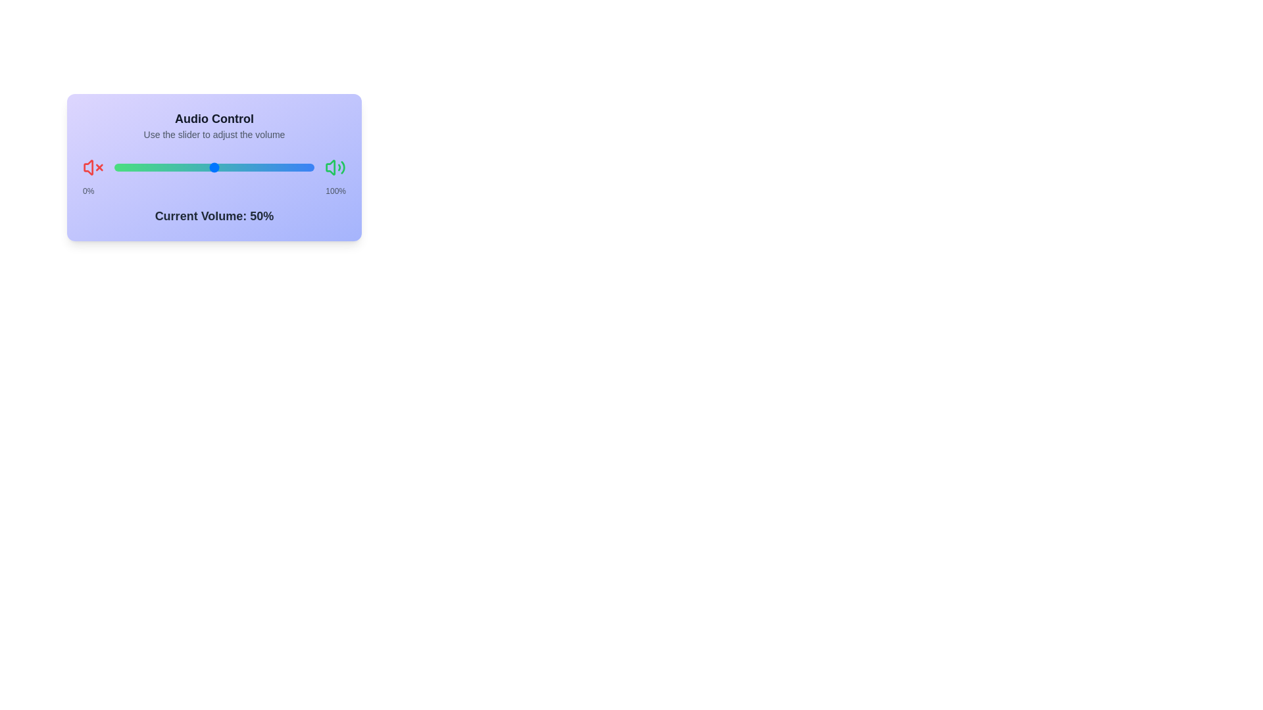 This screenshot has height=710, width=1263. Describe the element at coordinates (272, 166) in the screenshot. I see `the slider to set the volume to 79%` at that location.